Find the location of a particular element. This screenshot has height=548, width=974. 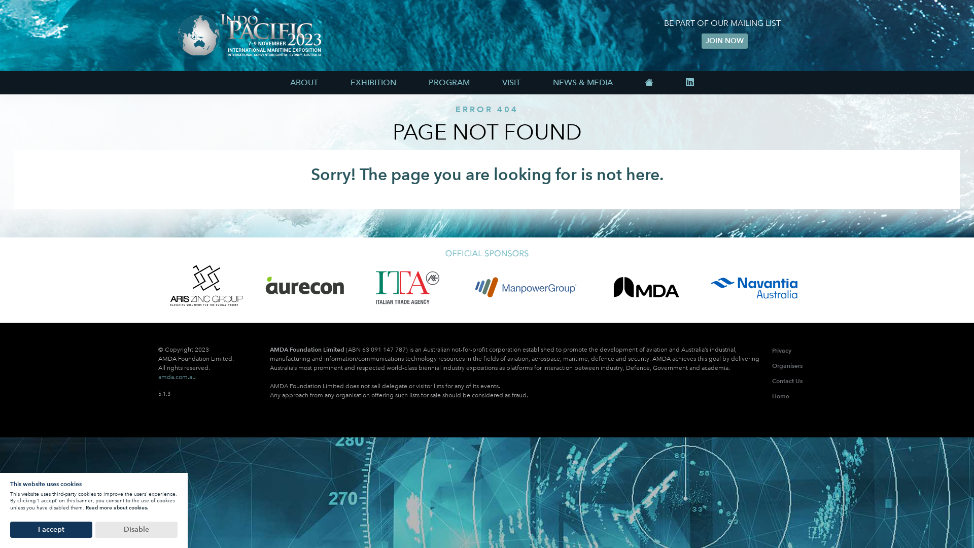

'Organisers' is located at coordinates (786, 365).